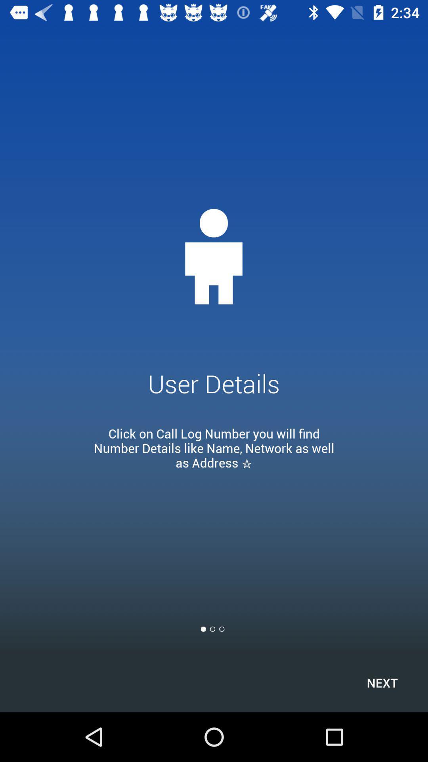 This screenshot has height=762, width=428. Describe the element at coordinates (382, 682) in the screenshot. I see `next` at that location.